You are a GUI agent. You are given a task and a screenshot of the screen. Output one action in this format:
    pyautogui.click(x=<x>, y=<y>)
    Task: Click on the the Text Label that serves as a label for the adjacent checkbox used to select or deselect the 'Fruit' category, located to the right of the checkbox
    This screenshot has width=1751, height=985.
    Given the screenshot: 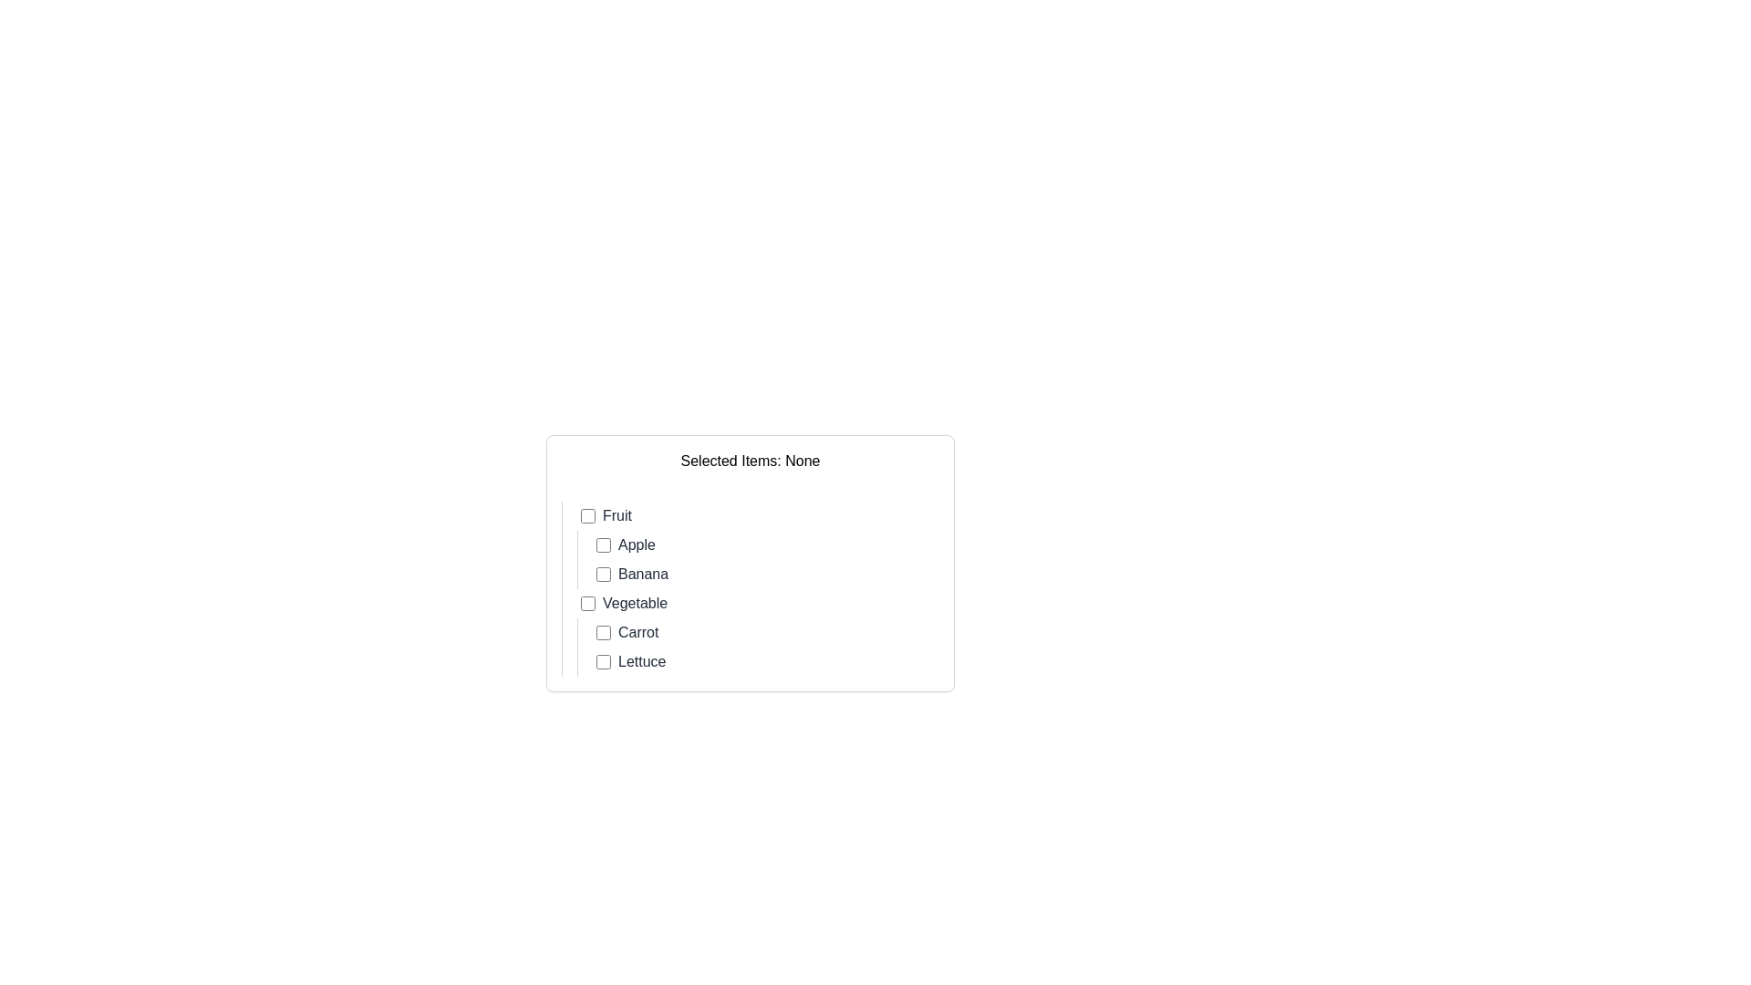 What is the action you would take?
    pyautogui.click(x=616, y=516)
    